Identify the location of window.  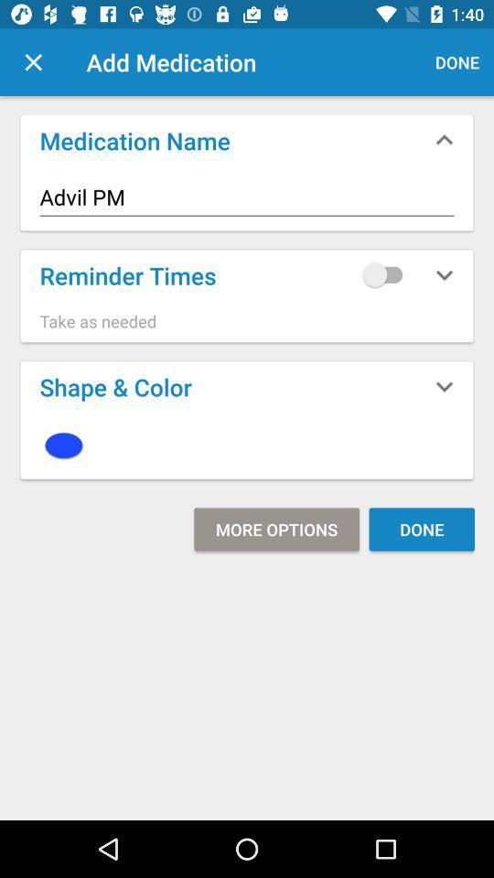
(33, 62).